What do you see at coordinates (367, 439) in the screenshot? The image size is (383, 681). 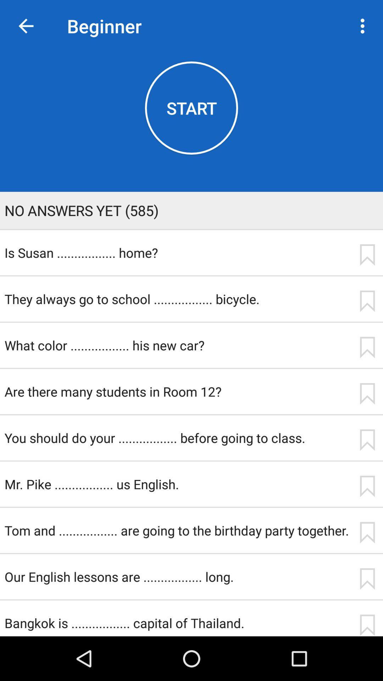 I see `app to the right of the you should do icon` at bounding box center [367, 439].